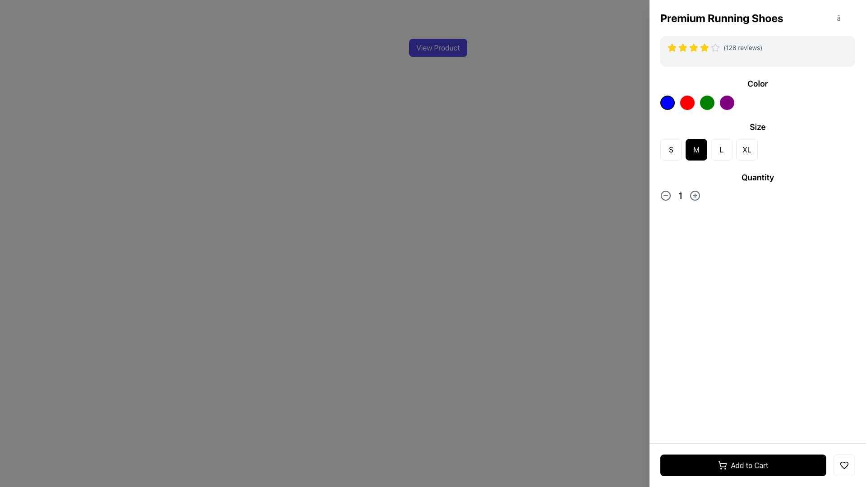  What do you see at coordinates (686, 102) in the screenshot?
I see `the bright red circular button` at bounding box center [686, 102].